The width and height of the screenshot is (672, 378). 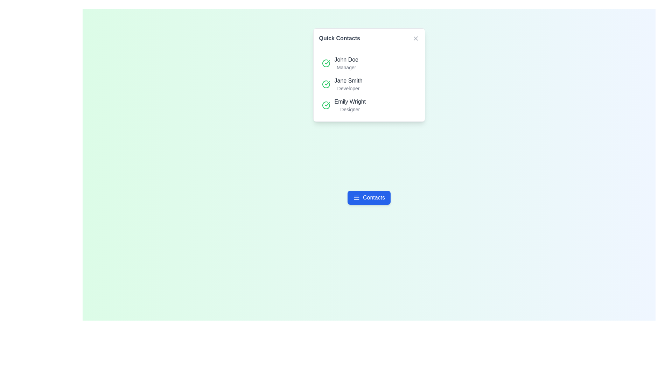 What do you see at coordinates (346, 63) in the screenshot?
I see `the Text Display element that shows the name and designation of a contact in the 'Quick Contacts' card, which is the first entry in the list` at bounding box center [346, 63].